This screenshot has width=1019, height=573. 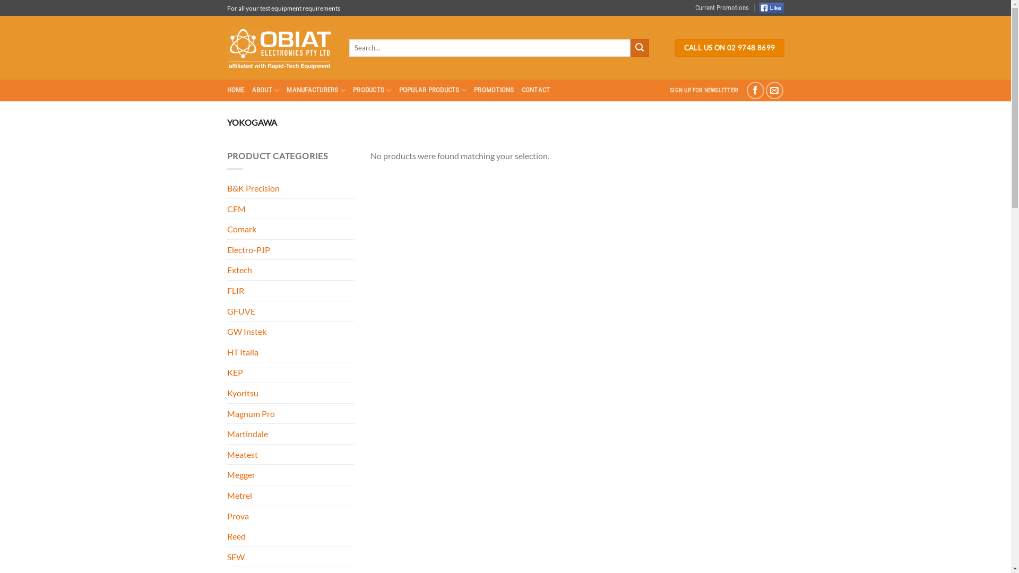 I want to click on 'Send us an email', so click(x=774, y=90).